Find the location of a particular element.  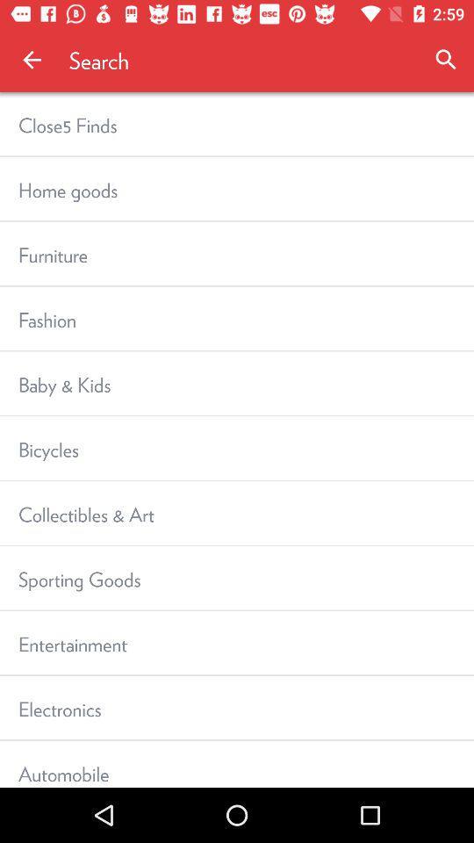

icon above close5 finds icon is located at coordinates (32, 60).